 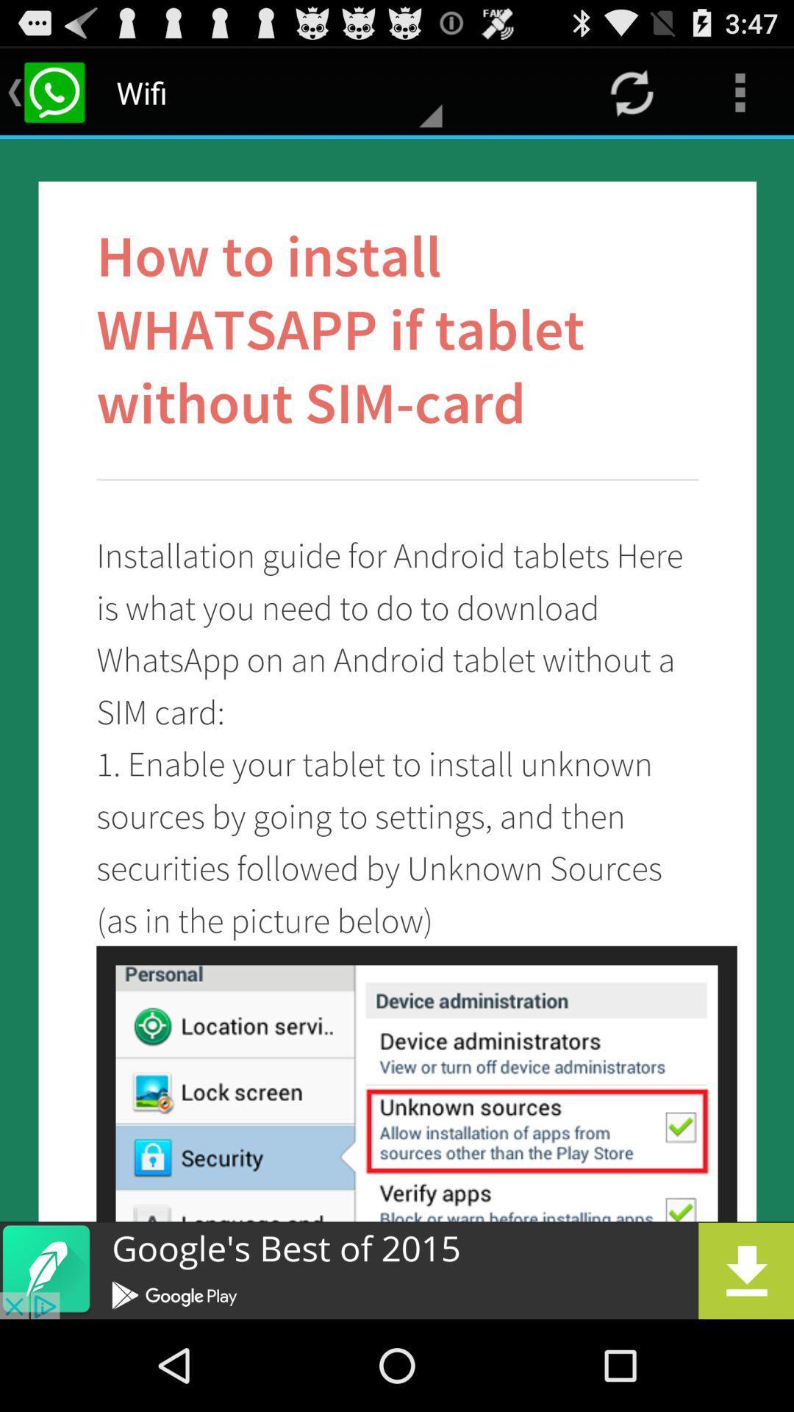 I want to click on advertisement image or install option, so click(x=397, y=1270).